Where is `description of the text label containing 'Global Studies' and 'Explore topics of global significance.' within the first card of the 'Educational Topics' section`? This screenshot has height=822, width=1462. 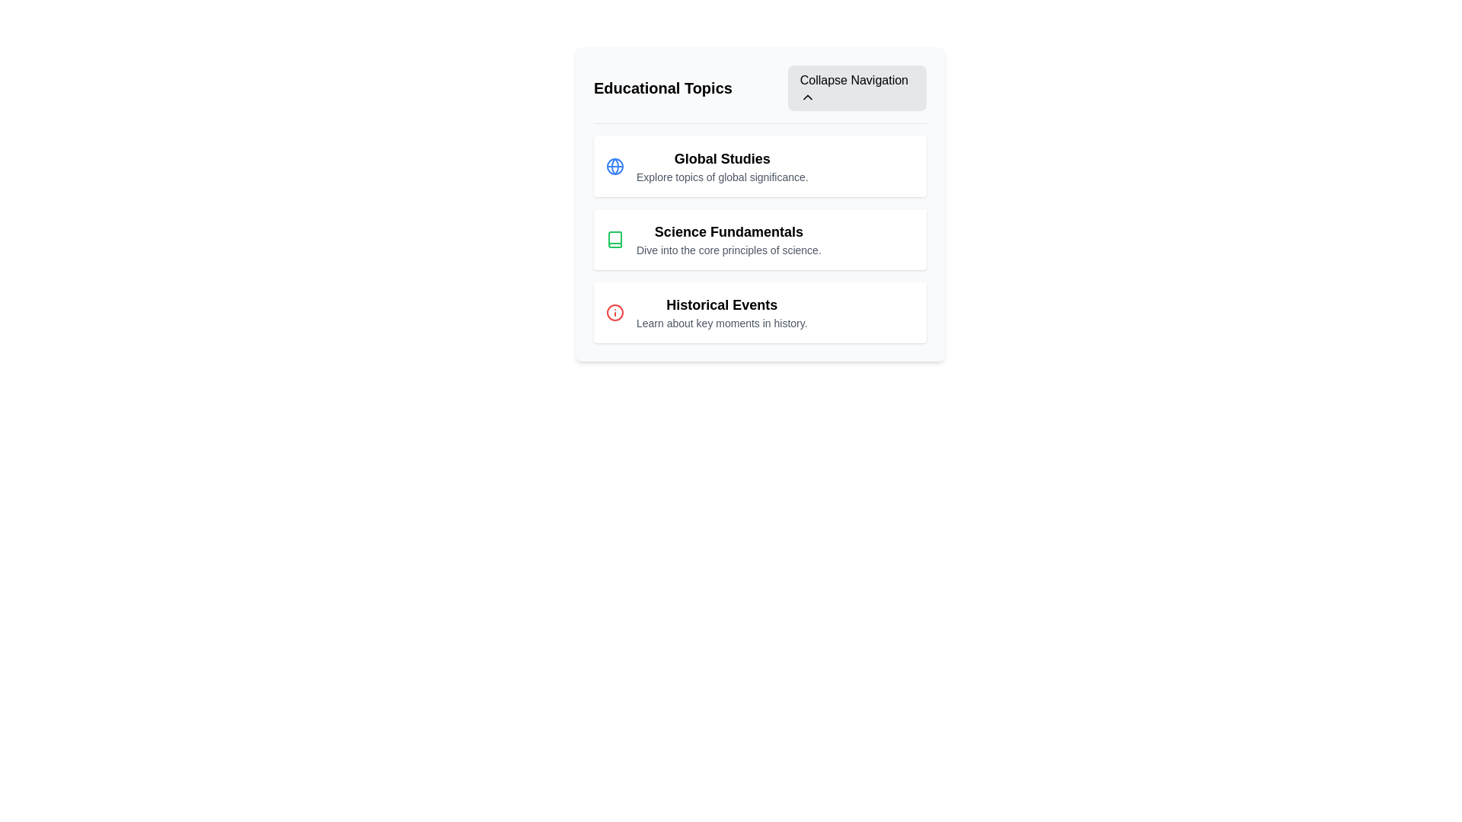
description of the text label containing 'Global Studies' and 'Explore topics of global significance.' within the first card of the 'Educational Topics' section is located at coordinates (721, 167).